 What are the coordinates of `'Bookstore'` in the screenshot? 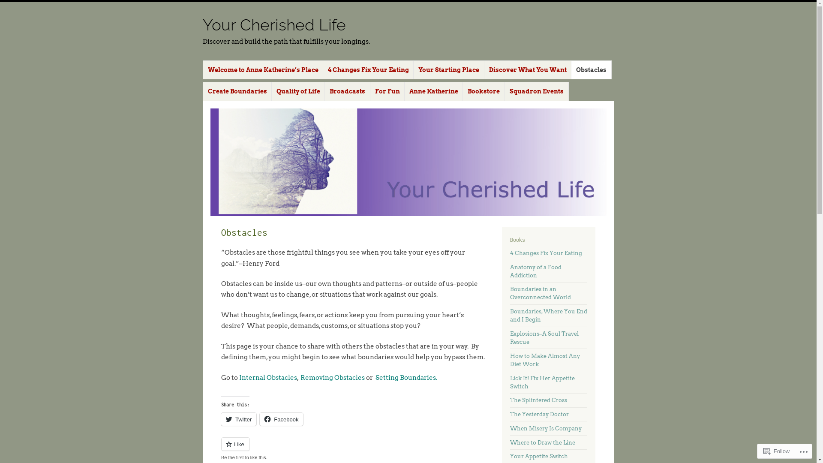 It's located at (484, 91).